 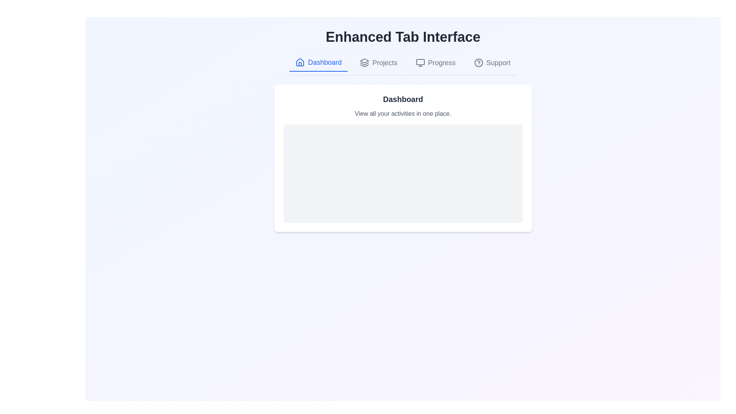 I want to click on the tab labeled Projects to display its content, so click(x=379, y=62).